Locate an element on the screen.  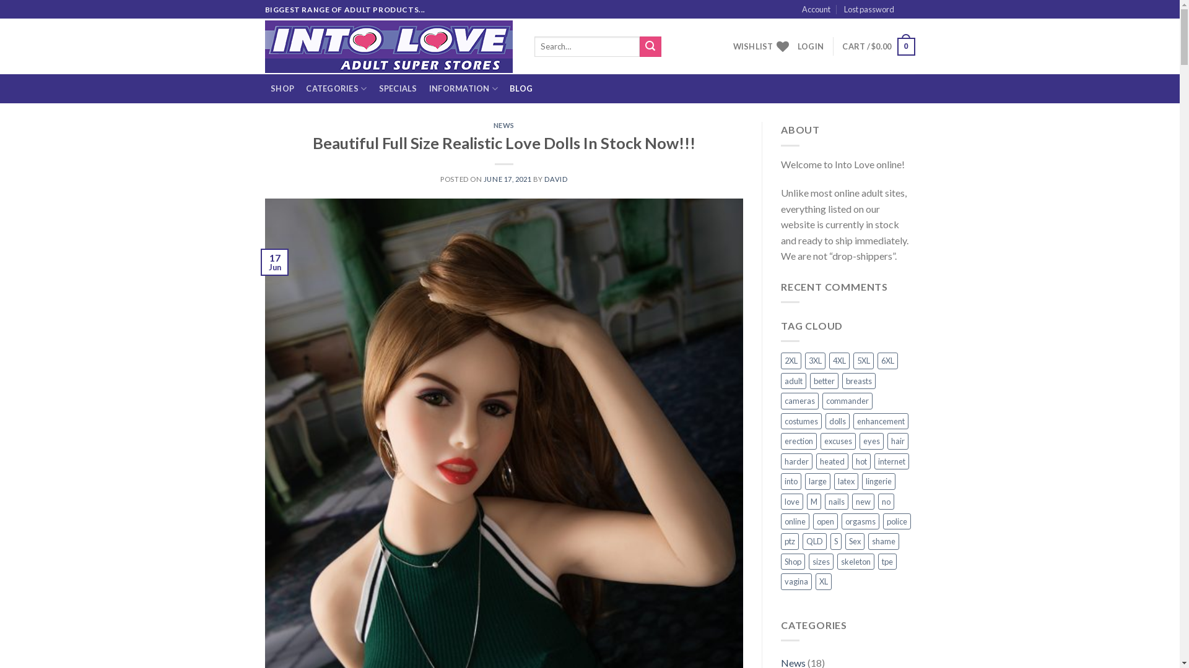
'DAVID' is located at coordinates (555, 179).